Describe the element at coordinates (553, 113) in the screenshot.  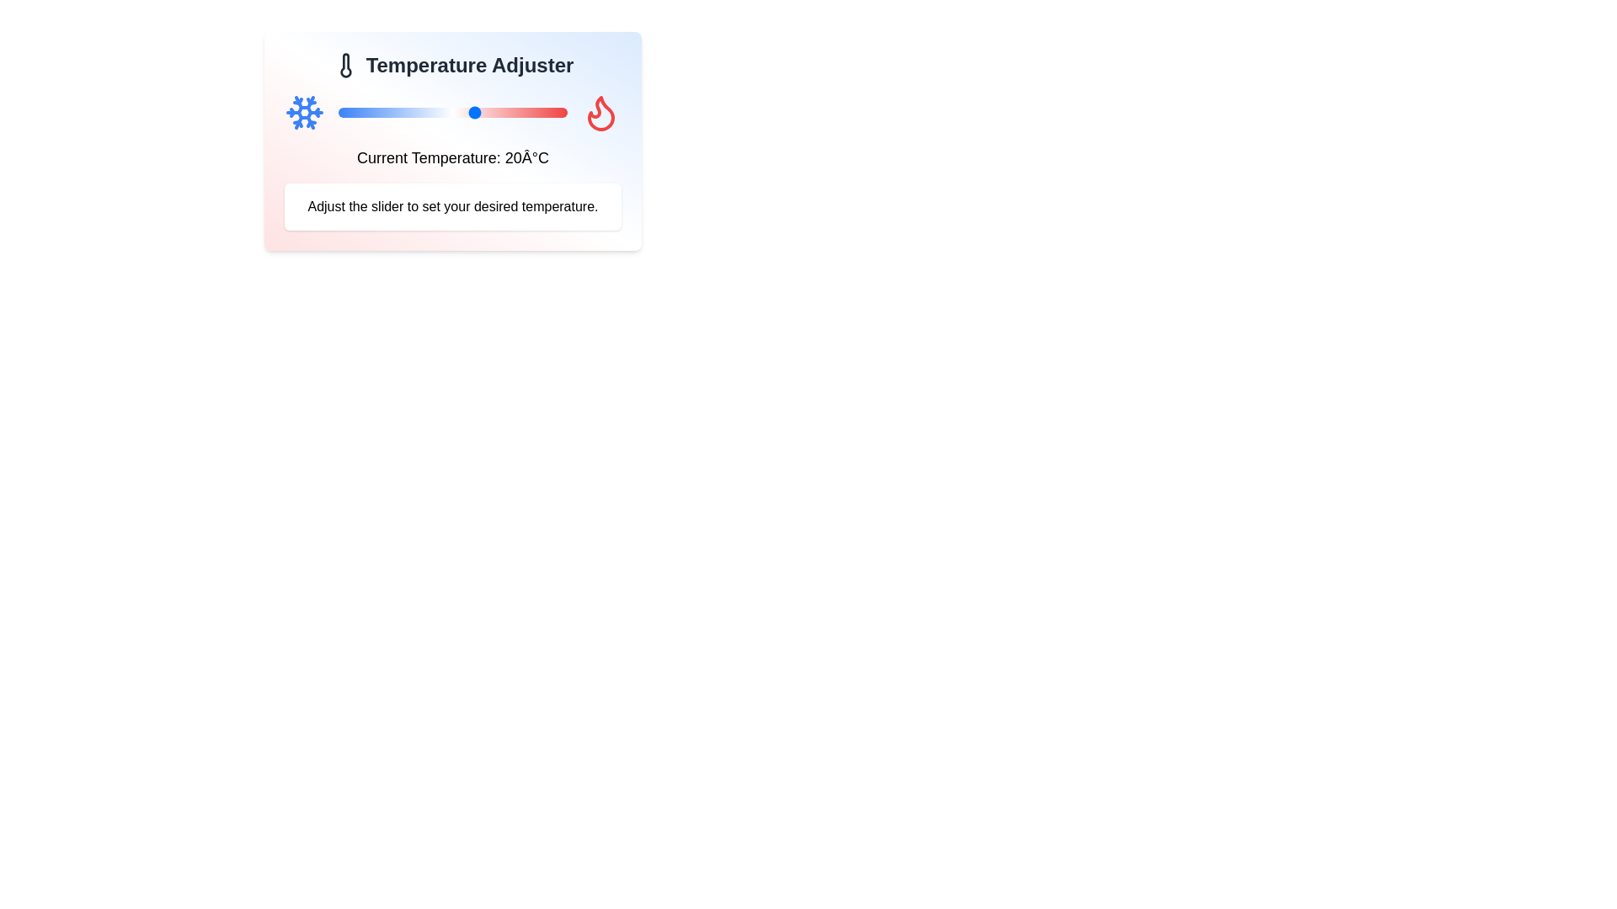
I see `the slider to set the temperature to 37°C` at that location.